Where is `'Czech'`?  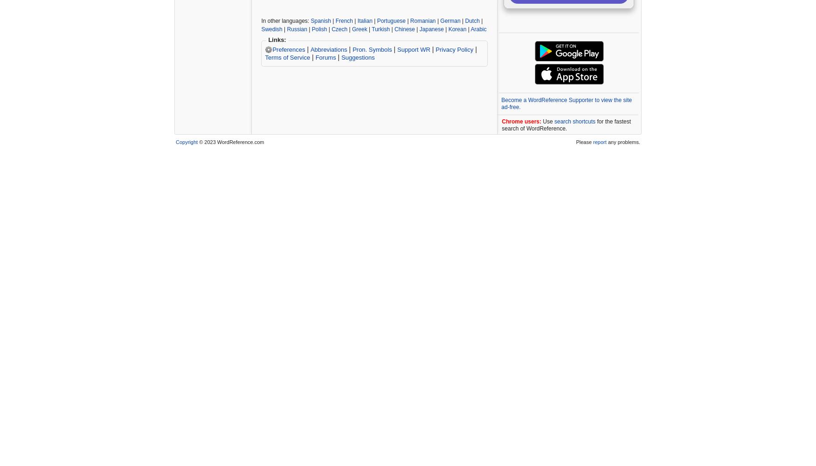
'Czech' is located at coordinates (339, 29).